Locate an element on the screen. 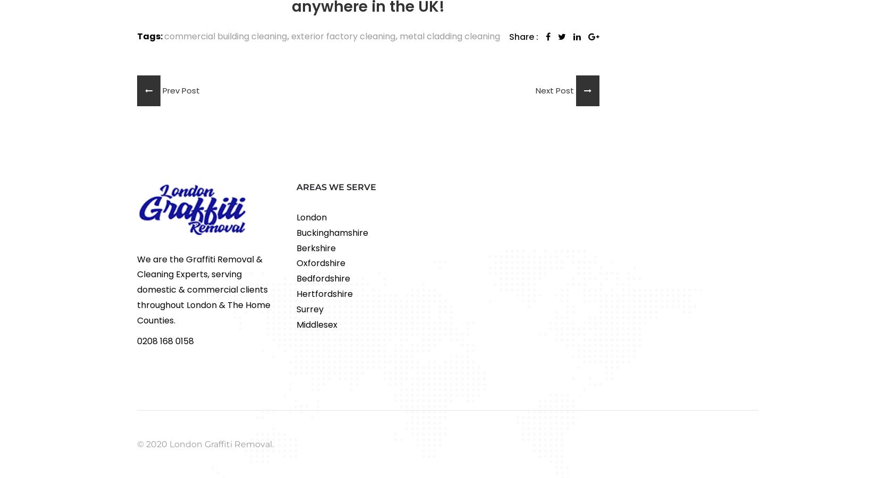 The image size is (896, 478). '0208 168 0158' is located at coordinates (165, 340).